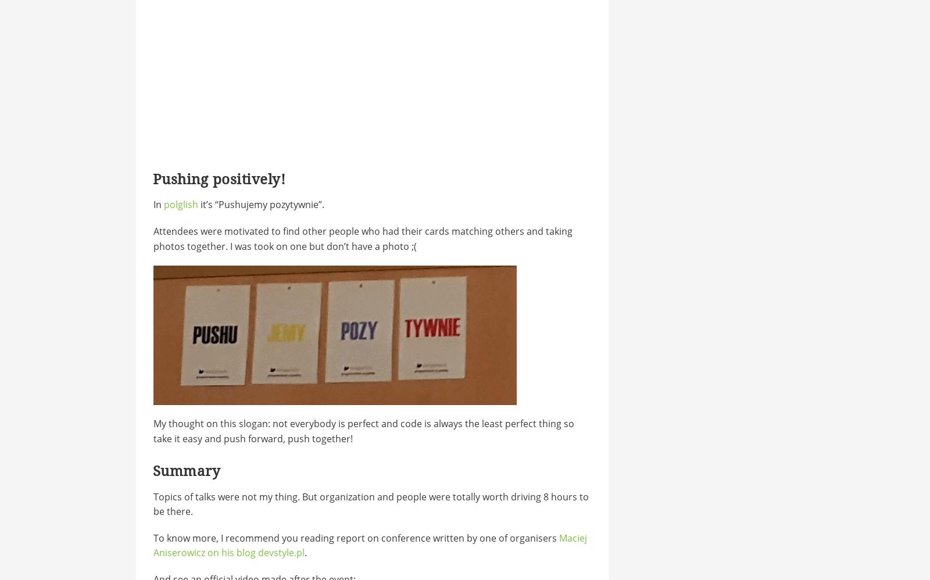  I want to click on 'Maciej Aniserowicz on his blog devstyle.pl', so click(153, 545).